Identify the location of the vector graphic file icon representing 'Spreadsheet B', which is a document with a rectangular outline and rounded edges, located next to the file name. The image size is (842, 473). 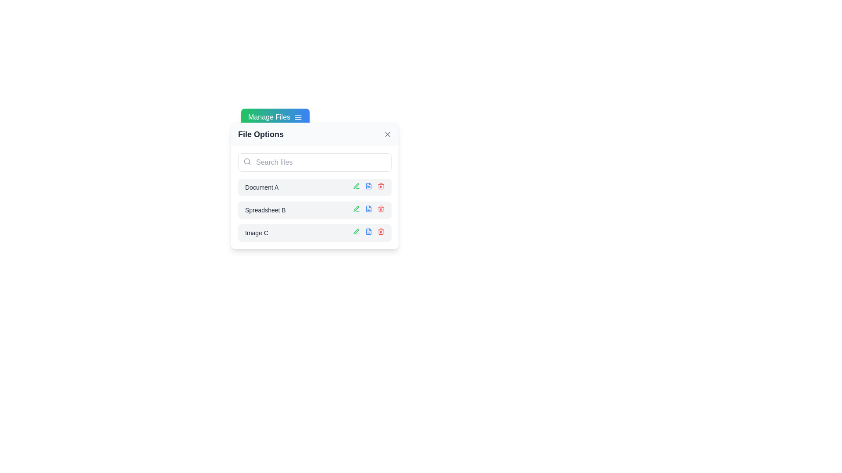
(368, 209).